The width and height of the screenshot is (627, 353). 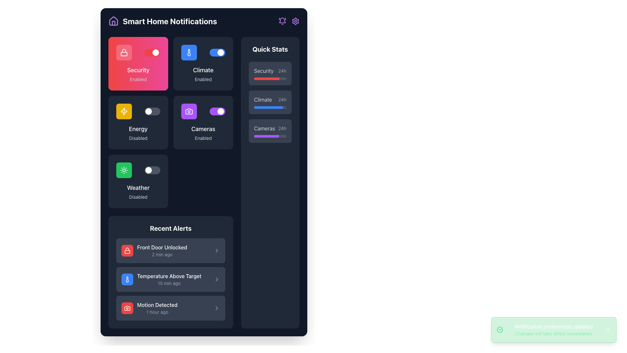 I want to click on the white lock icon within the rounded rectangle background in the 'Security' section, so click(x=124, y=52).